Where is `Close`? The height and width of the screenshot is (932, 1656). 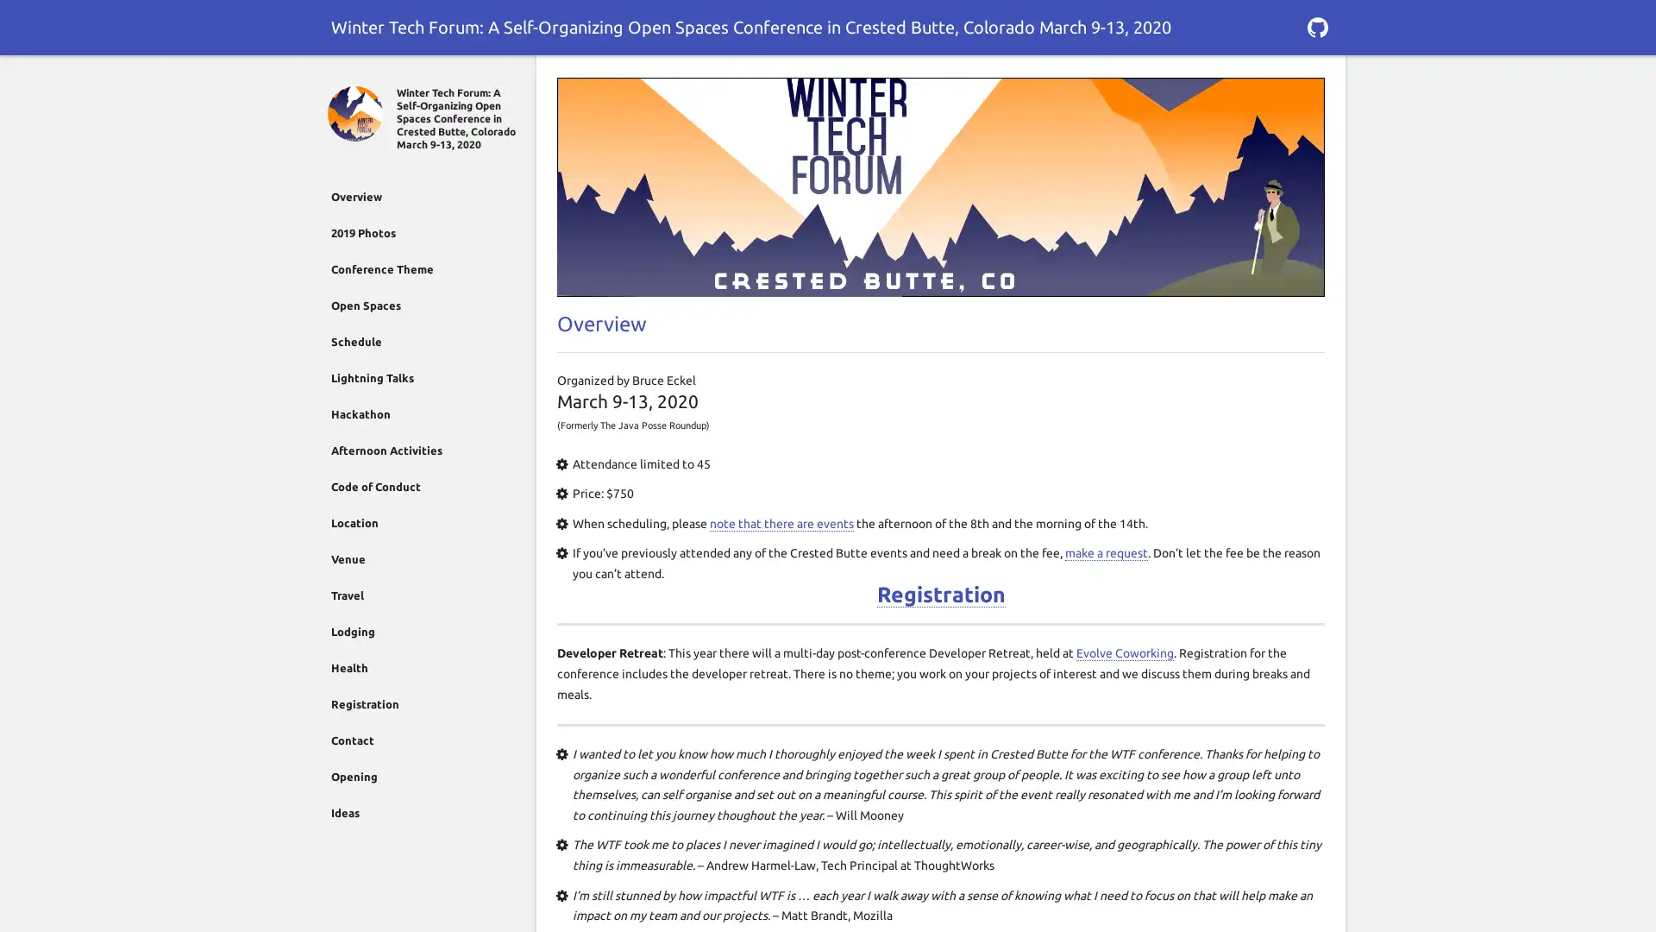
Close is located at coordinates (338, 75).